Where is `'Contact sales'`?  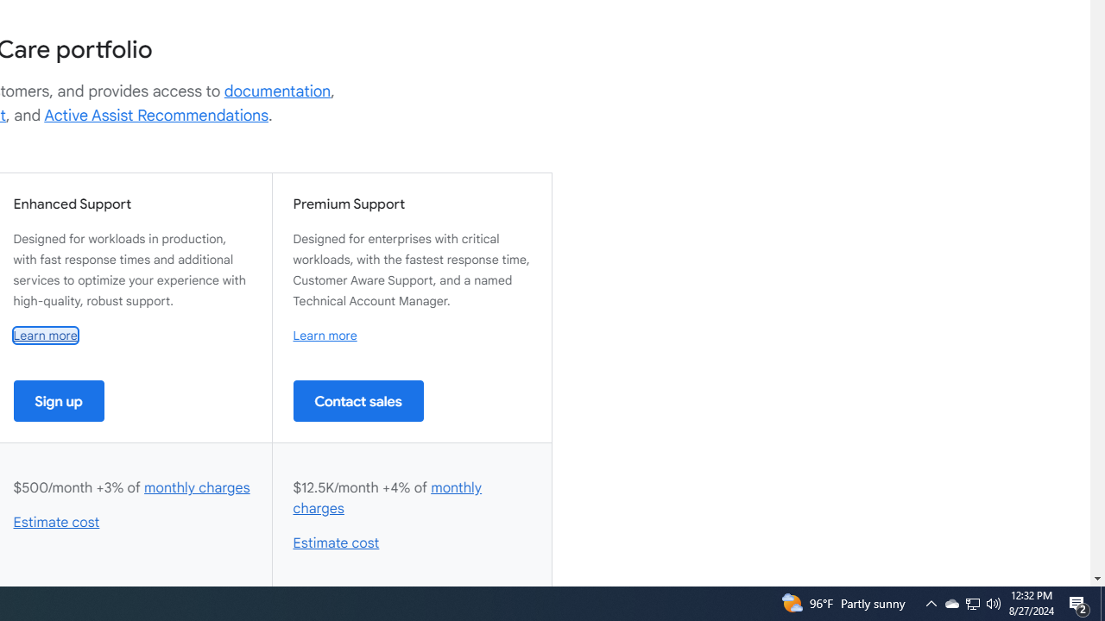
'Contact sales' is located at coordinates (357, 400).